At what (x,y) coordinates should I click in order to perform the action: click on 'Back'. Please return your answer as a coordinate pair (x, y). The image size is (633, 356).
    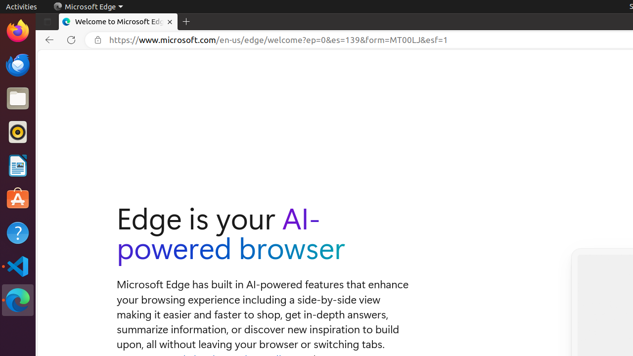
    Looking at the image, I should click on (47, 40).